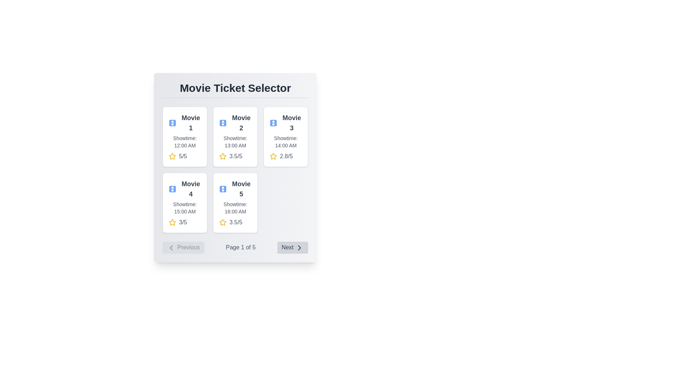 Image resolution: width=697 pixels, height=392 pixels. I want to click on the yellow star icon representing a rating, located at the top-right of the third movie card, to perform related operations with adjacent elements, so click(273, 156).